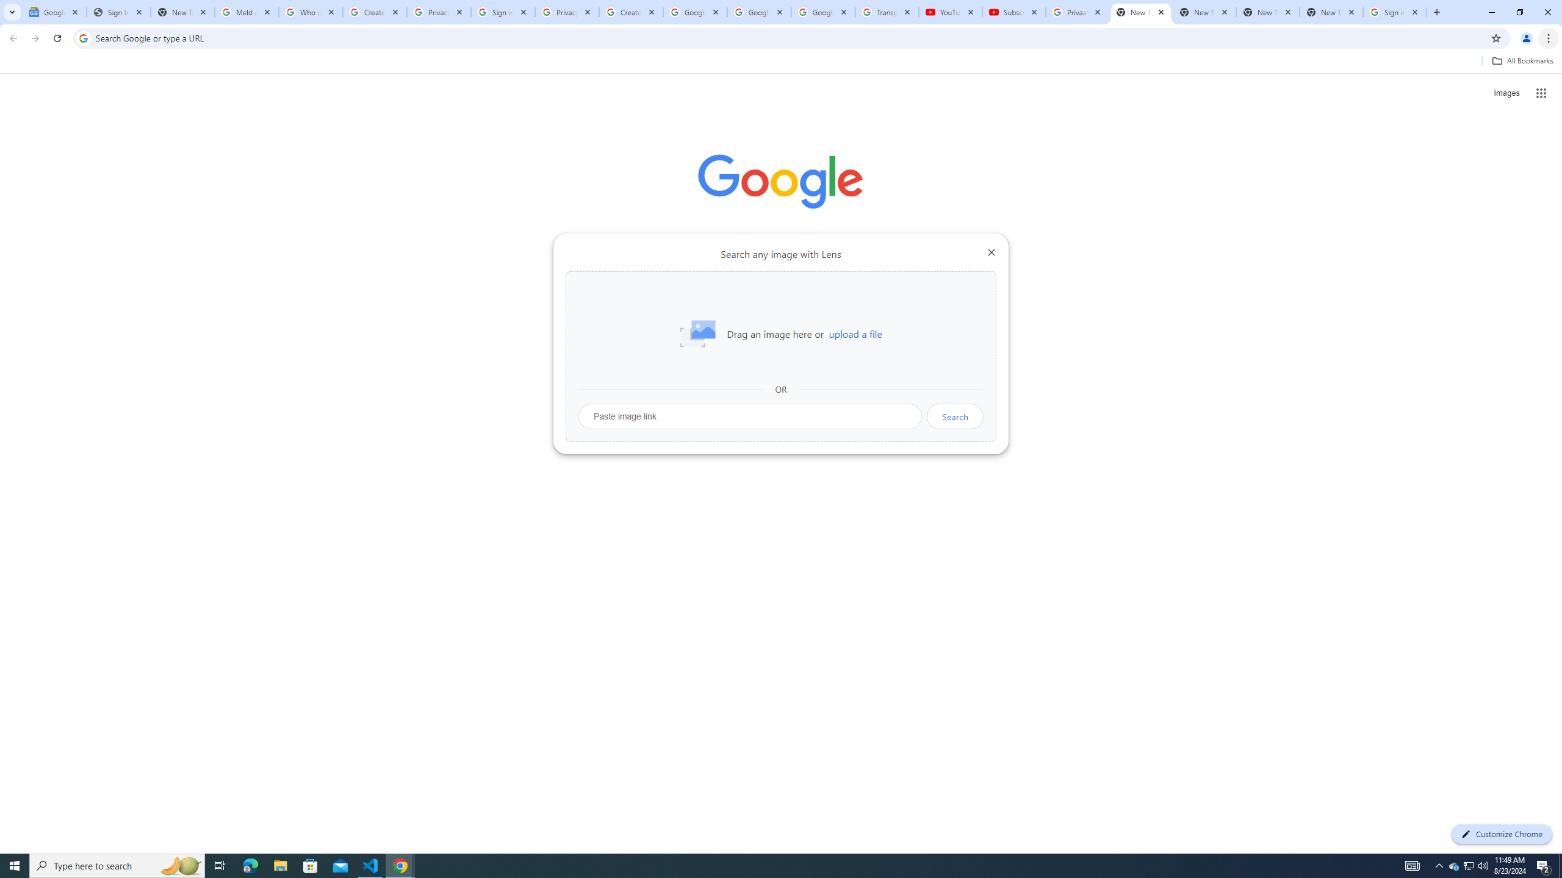 This screenshot has height=878, width=1562. What do you see at coordinates (855, 334) in the screenshot?
I see `'upload a file'` at bounding box center [855, 334].